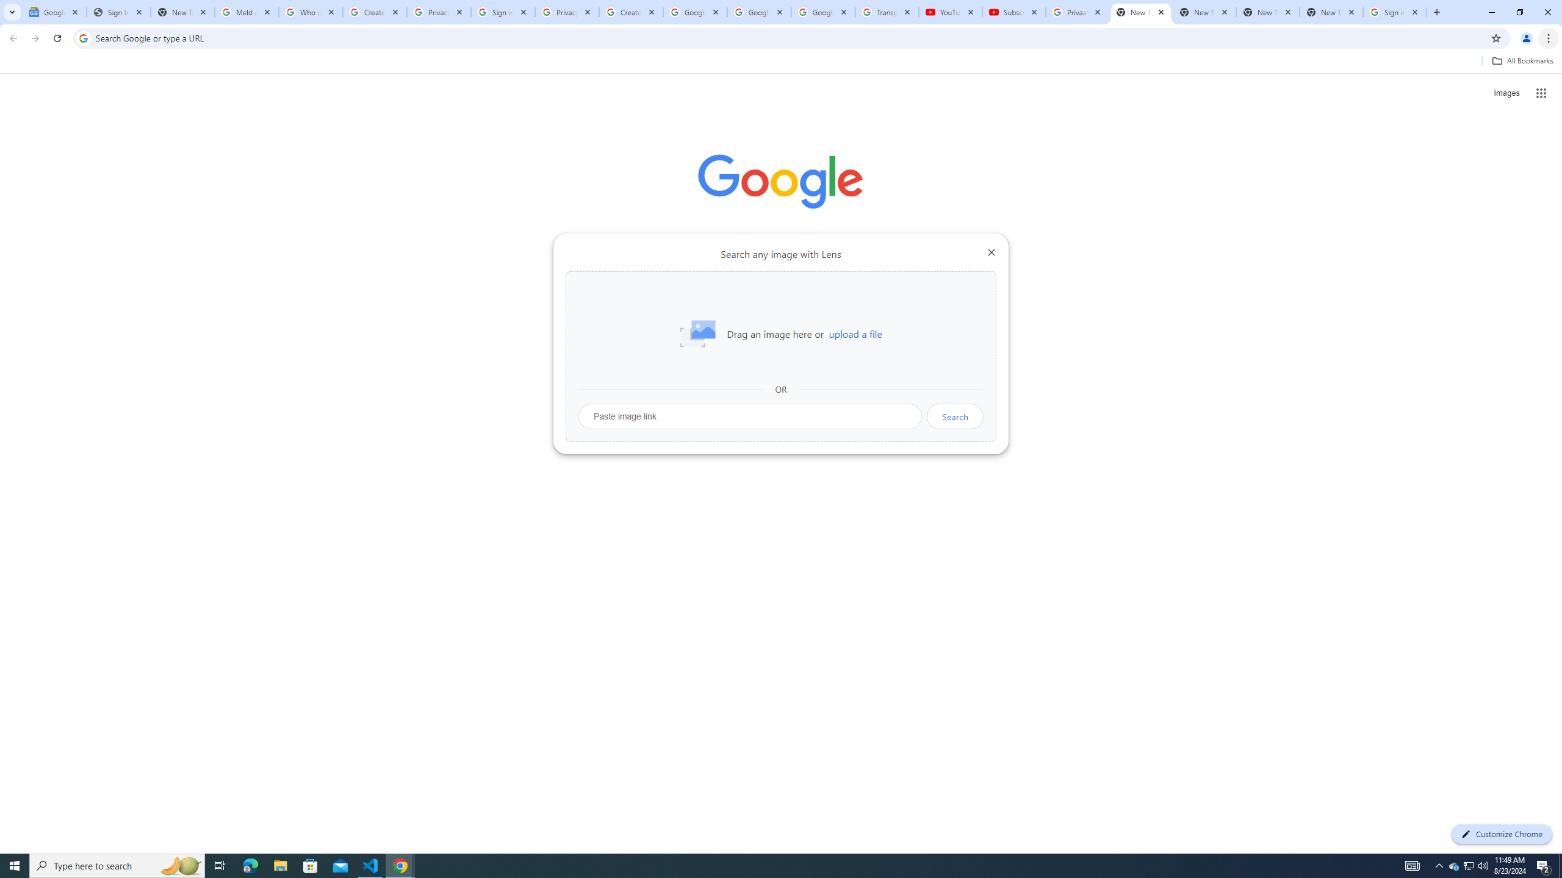 This screenshot has height=878, width=1562. What do you see at coordinates (855, 334) in the screenshot?
I see `'upload a file'` at bounding box center [855, 334].